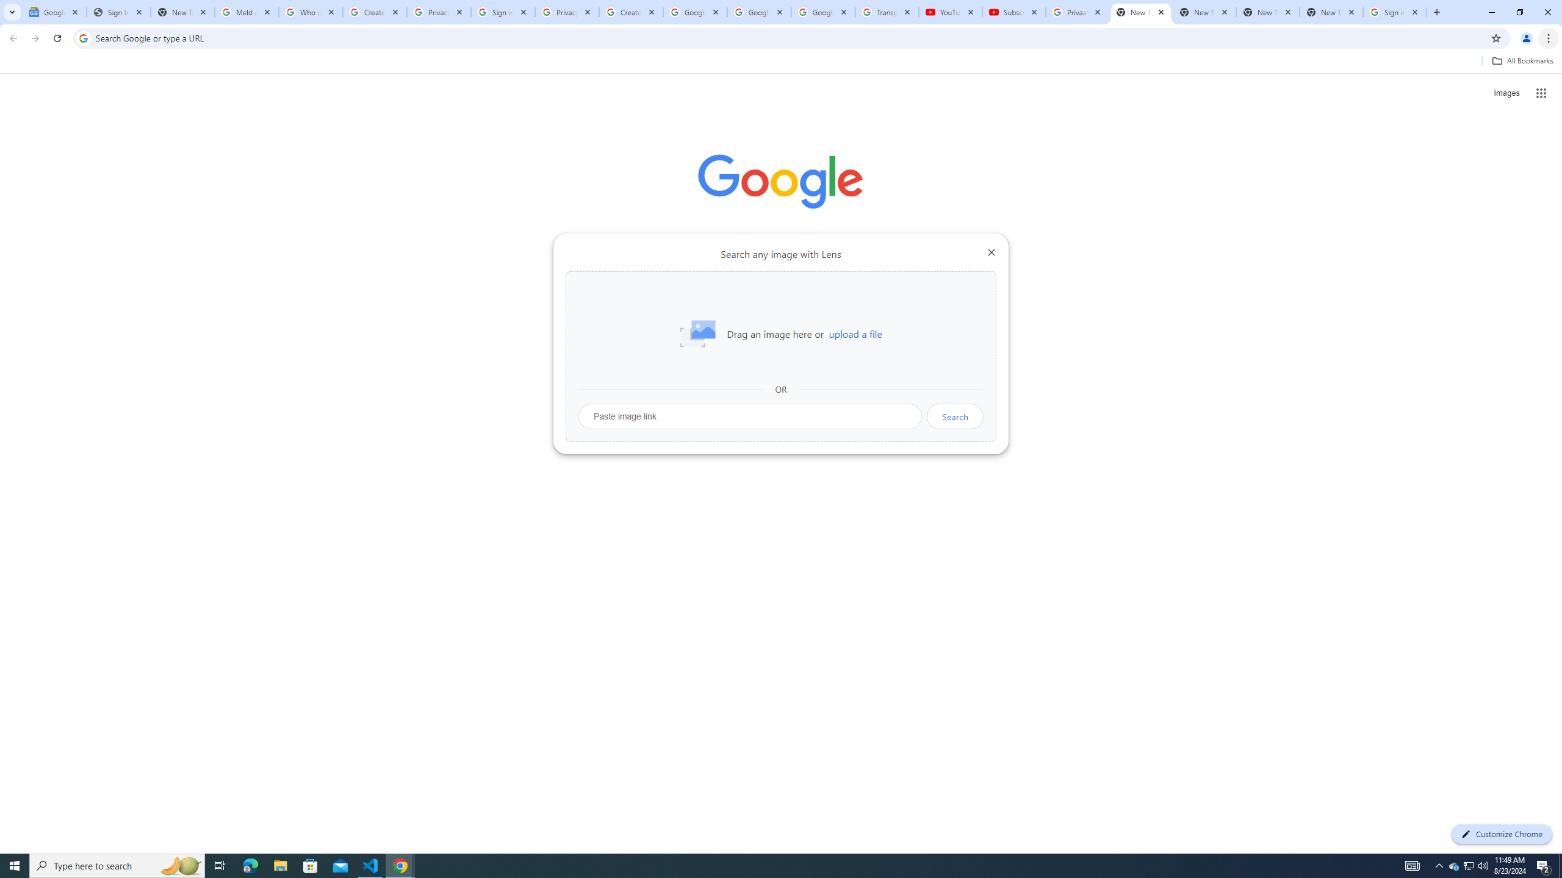 This screenshot has height=878, width=1562. What do you see at coordinates (855, 334) in the screenshot?
I see `'upload a file'` at bounding box center [855, 334].